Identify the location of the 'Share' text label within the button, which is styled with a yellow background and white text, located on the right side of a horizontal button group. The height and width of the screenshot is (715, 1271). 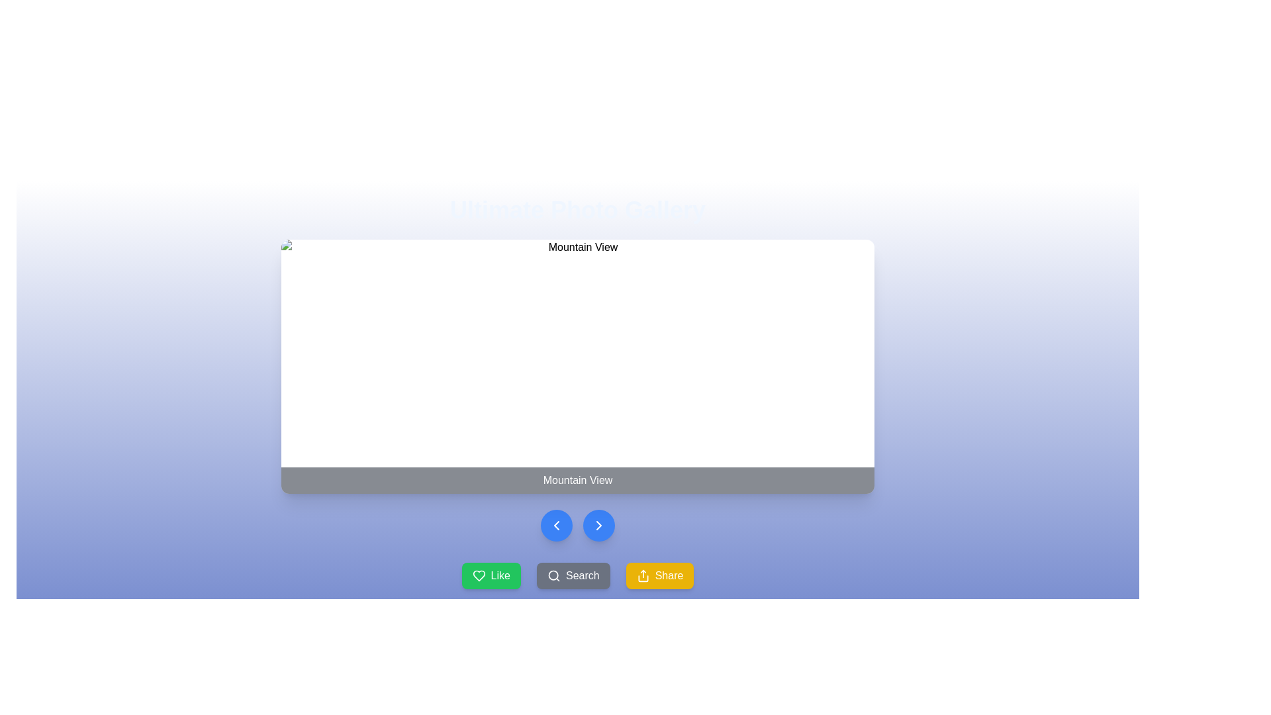
(669, 575).